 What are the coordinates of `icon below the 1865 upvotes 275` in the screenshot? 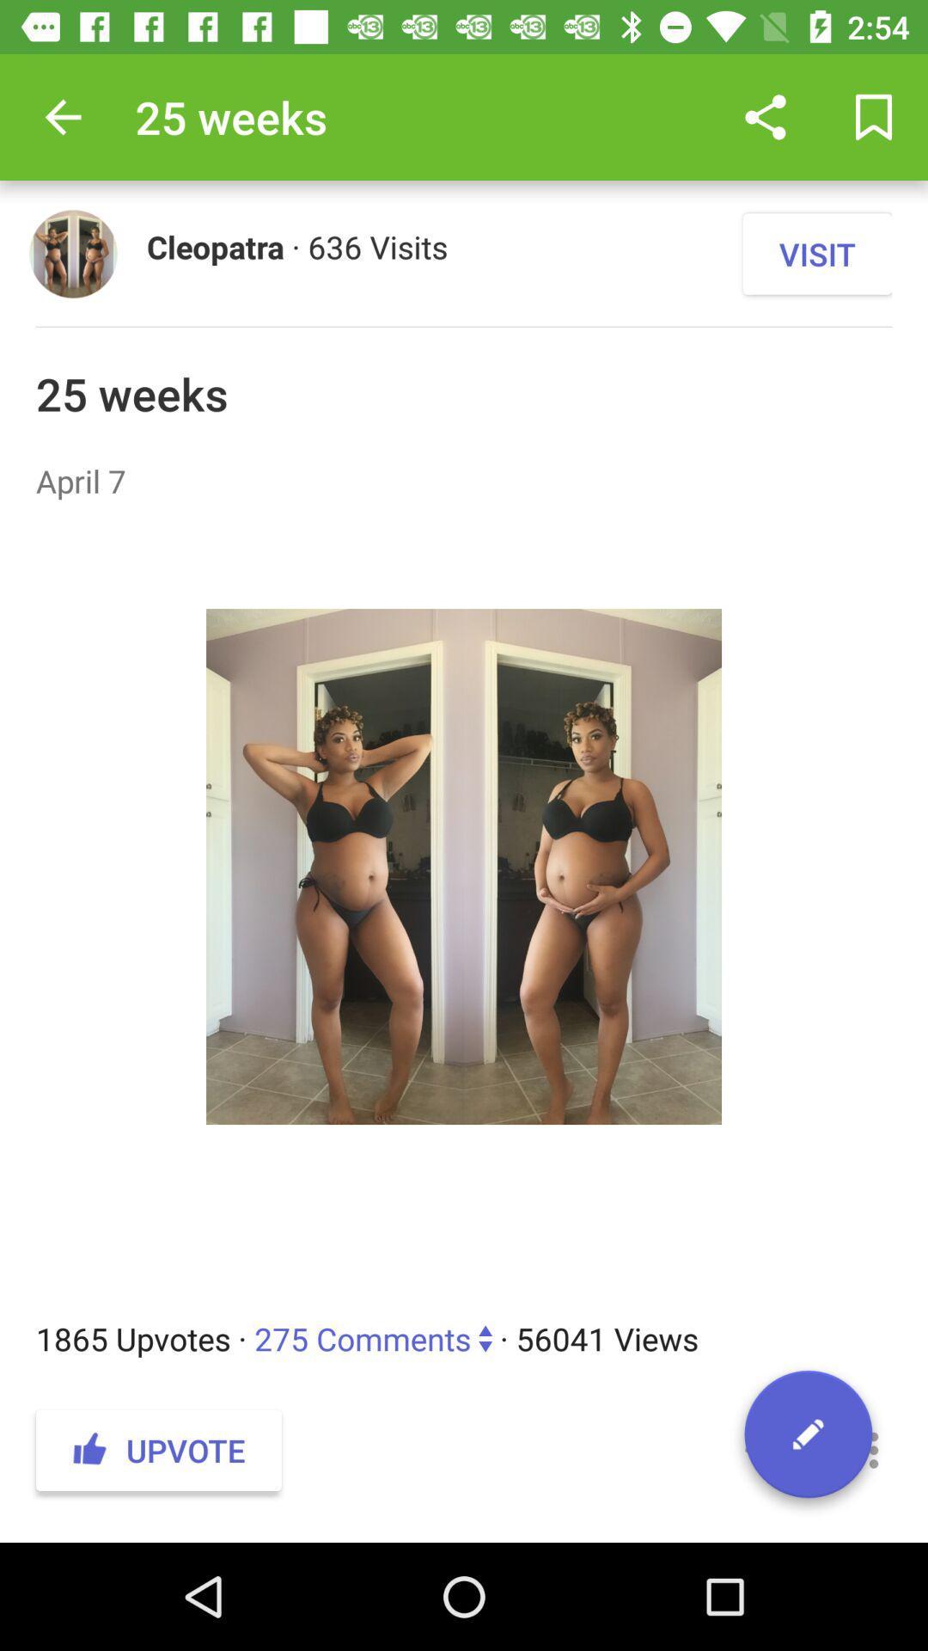 It's located at (765, 1449).